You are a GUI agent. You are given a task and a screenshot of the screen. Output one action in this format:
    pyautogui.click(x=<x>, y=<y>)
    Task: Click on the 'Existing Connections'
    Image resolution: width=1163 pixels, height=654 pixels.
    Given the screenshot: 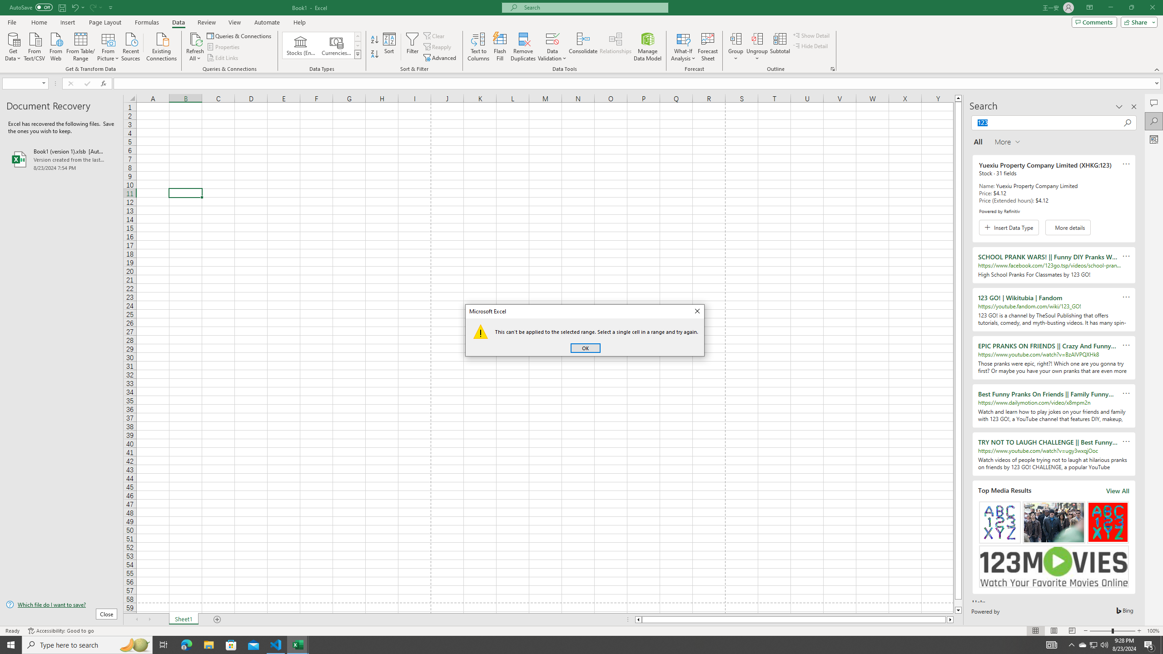 What is the action you would take?
    pyautogui.click(x=161, y=45)
    